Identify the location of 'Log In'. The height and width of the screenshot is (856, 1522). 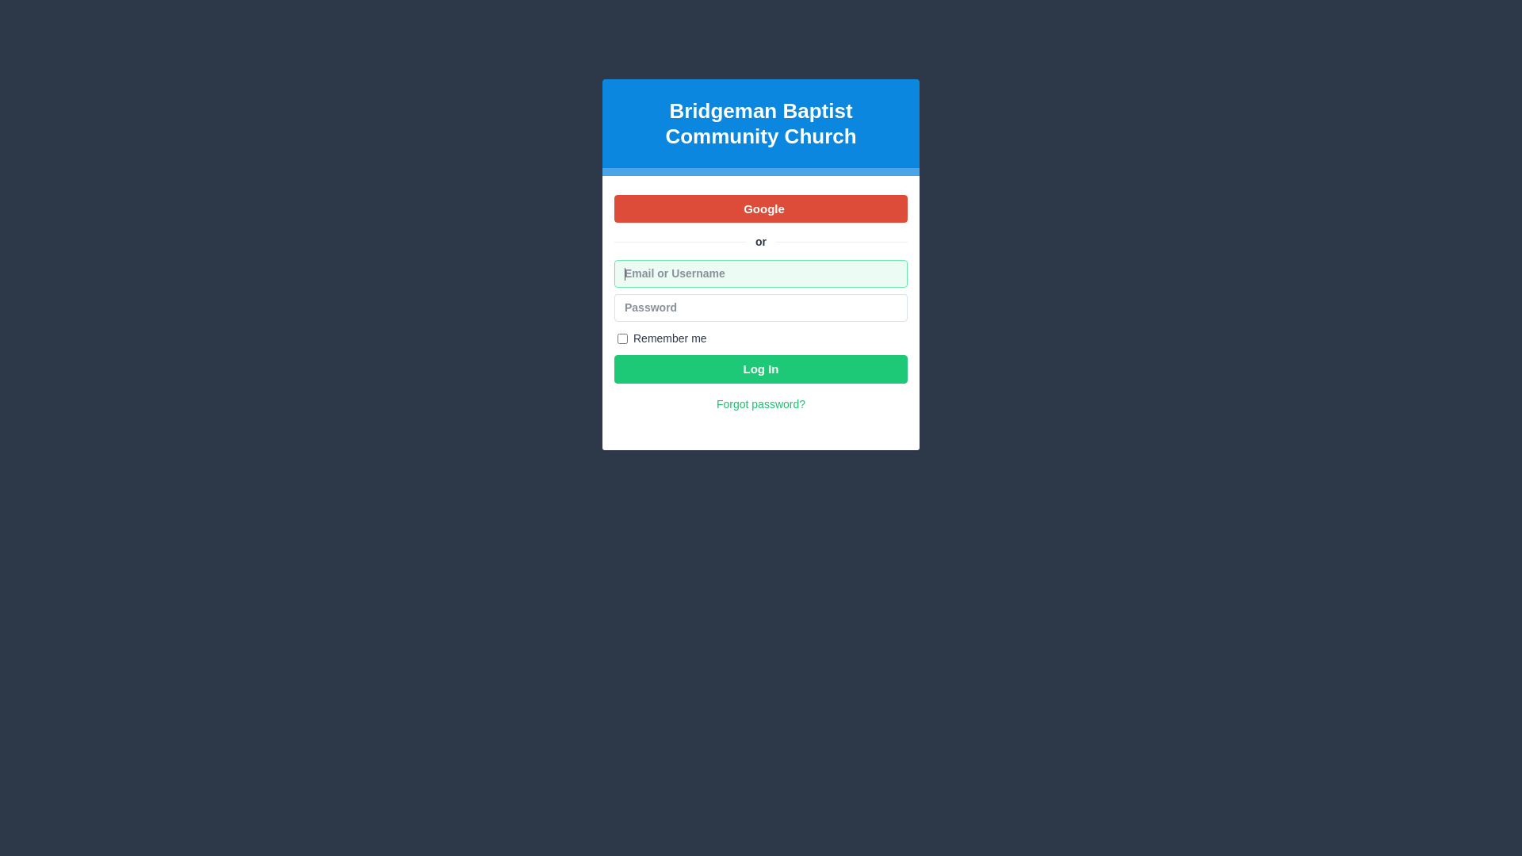
(761, 369).